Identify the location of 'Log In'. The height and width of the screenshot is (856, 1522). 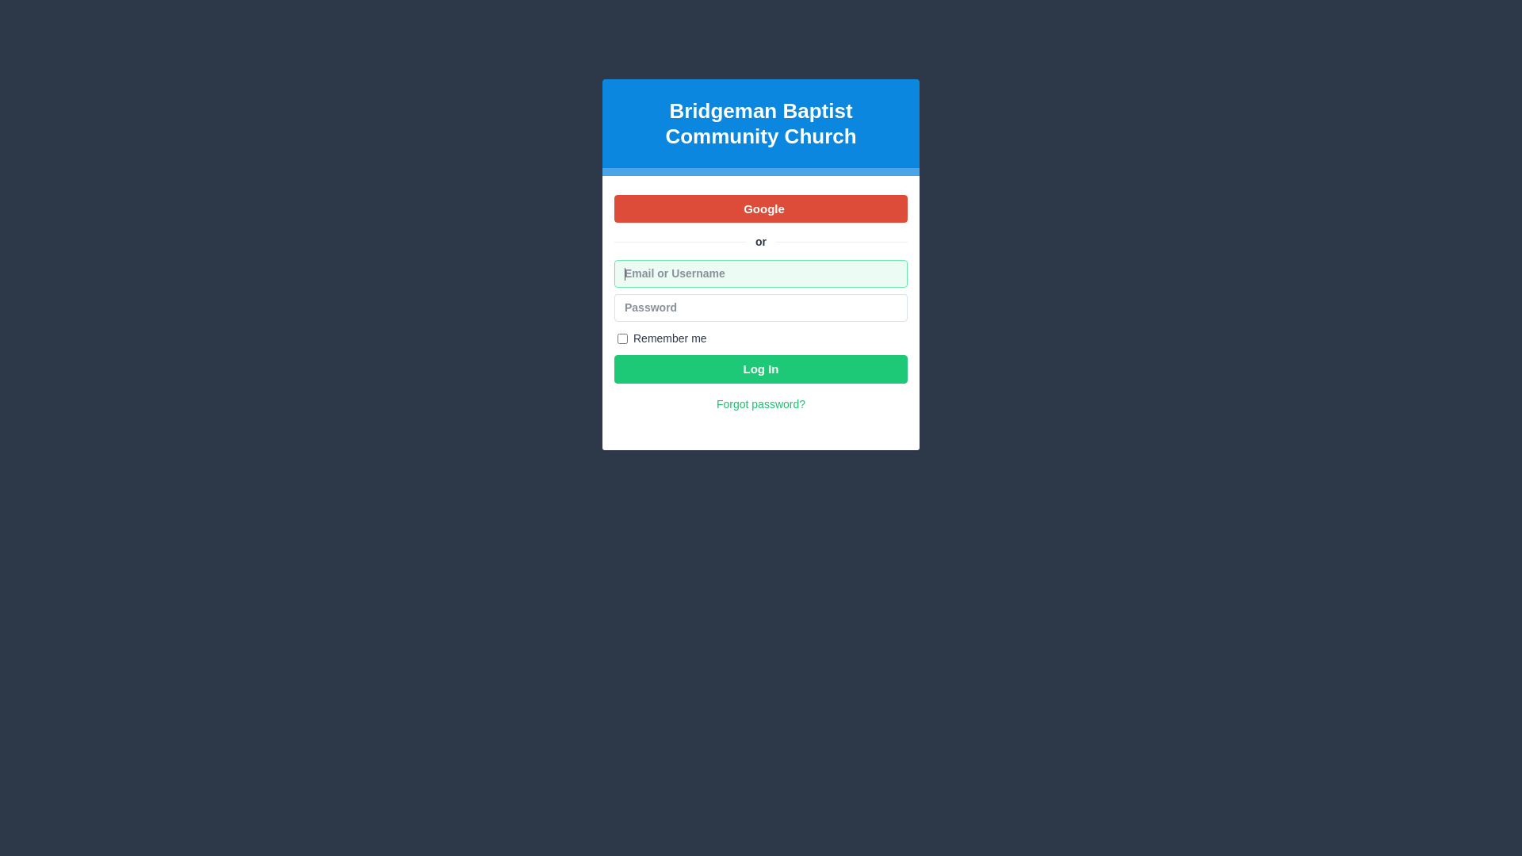
(761, 369).